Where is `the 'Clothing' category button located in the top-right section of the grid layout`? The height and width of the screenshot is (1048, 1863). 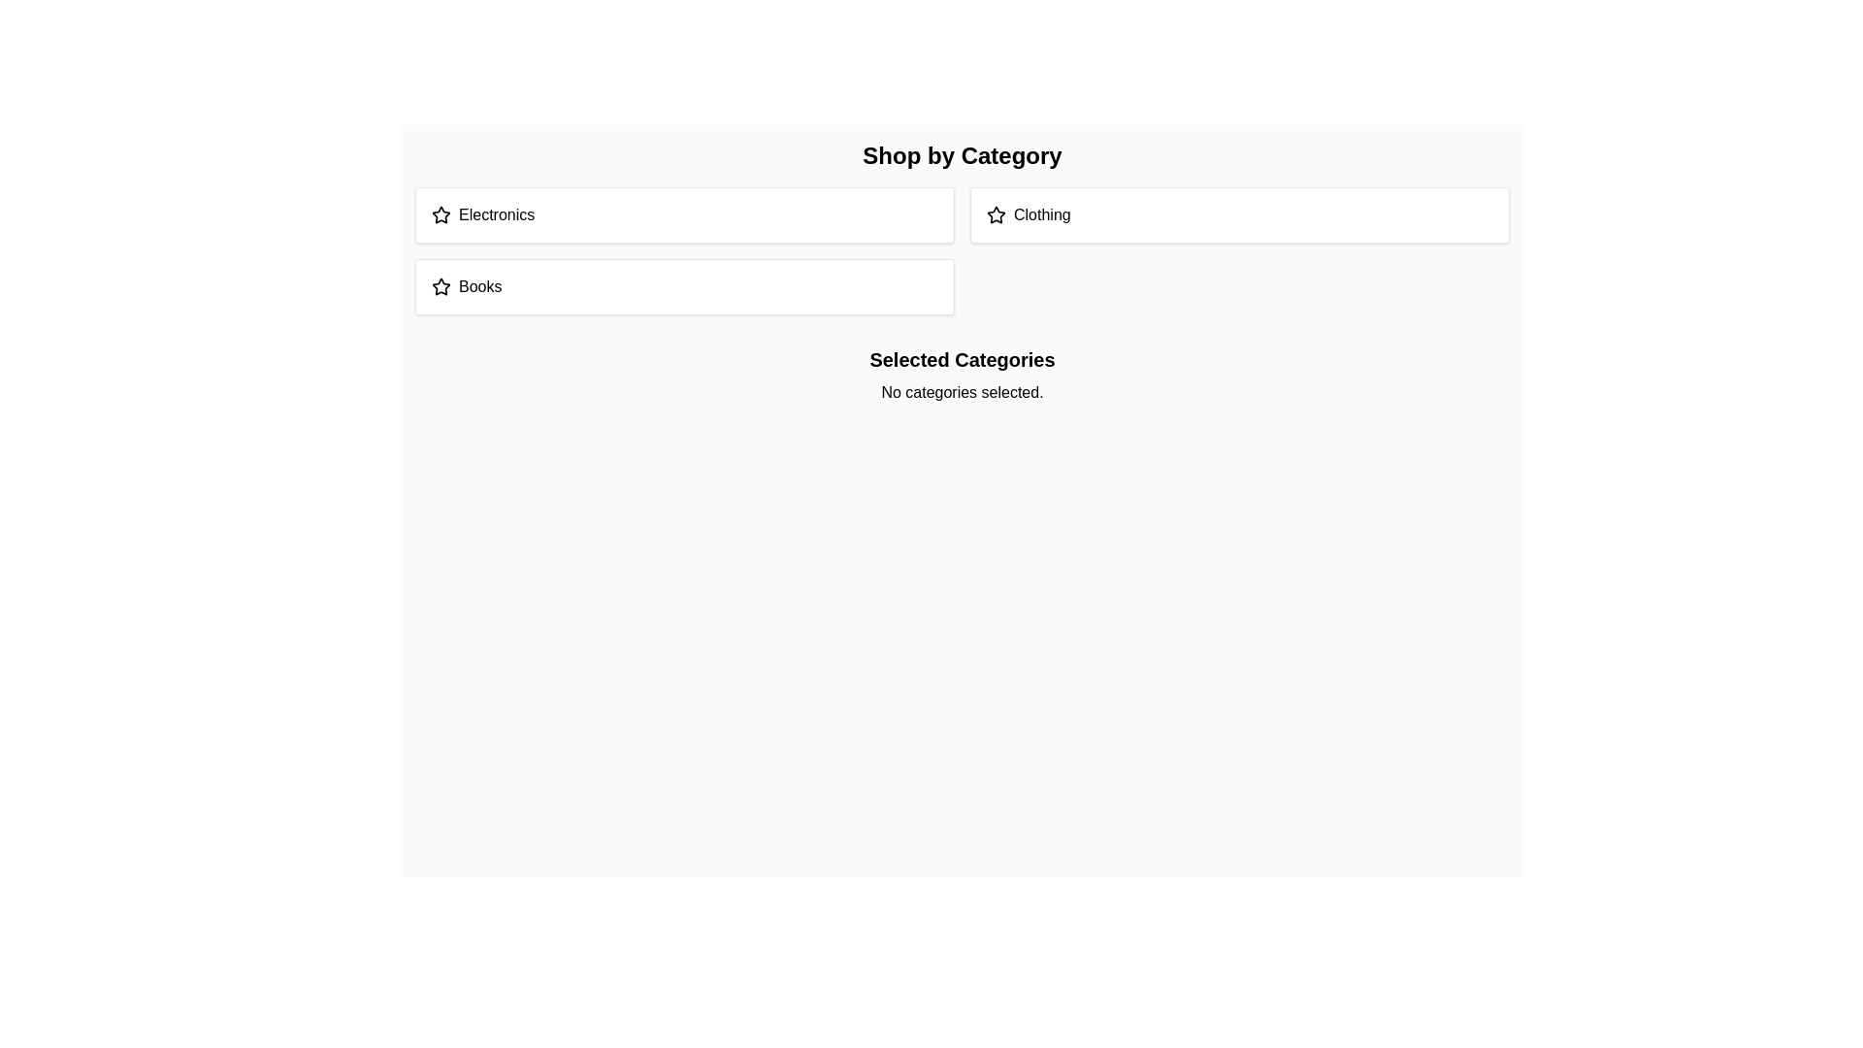
the 'Clothing' category button located in the top-right section of the grid layout is located at coordinates (1238, 215).